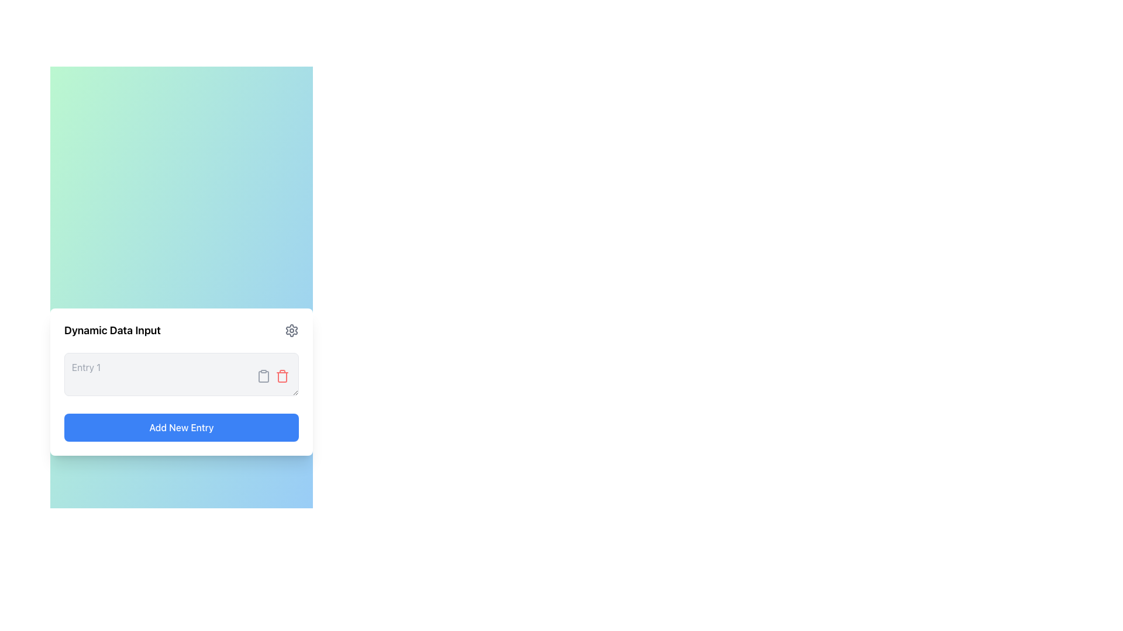 Image resolution: width=1123 pixels, height=631 pixels. I want to click on the delete button located at the top-right of the form entry section, so click(283, 376).